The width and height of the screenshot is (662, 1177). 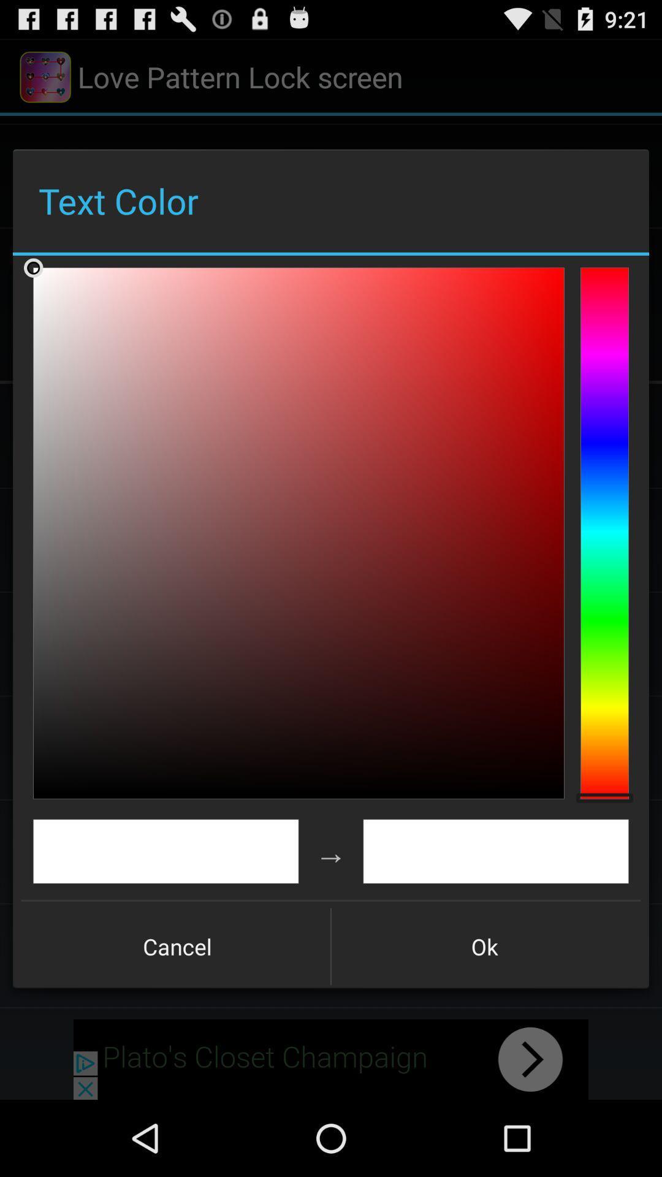 What do you see at coordinates (177, 946) in the screenshot?
I see `item to the left of the ok item` at bounding box center [177, 946].